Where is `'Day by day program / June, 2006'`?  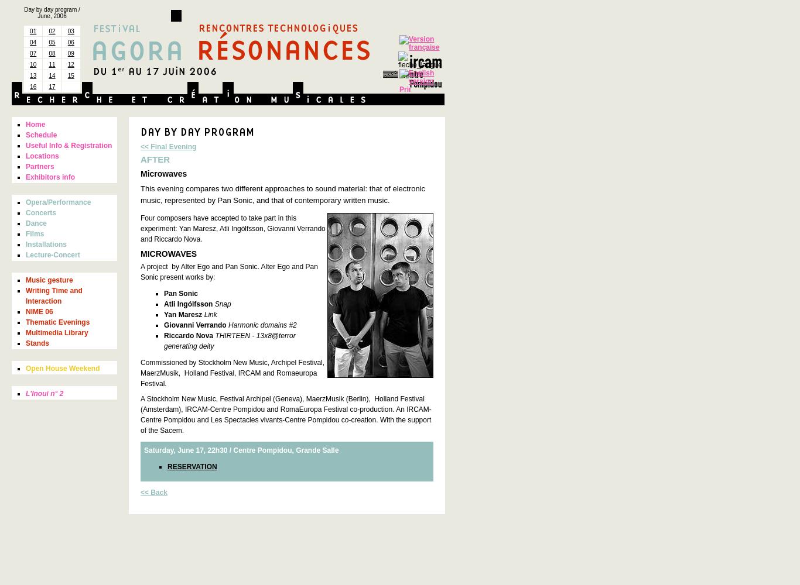
'Day by day program / June, 2006' is located at coordinates (52, 13).